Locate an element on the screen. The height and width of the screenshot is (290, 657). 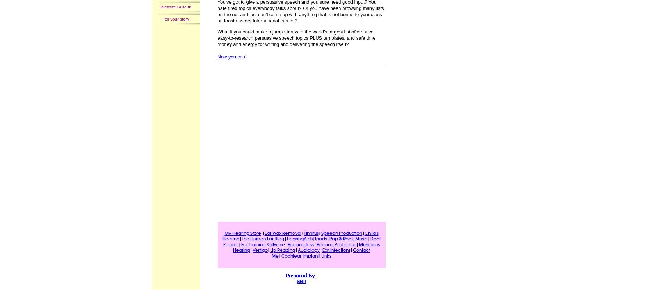
'Hearing Protection' is located at coordinates (336, 244).